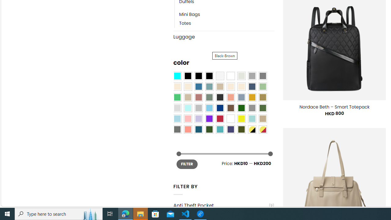 The image size is (391, 220). What do you see at coordinates (226, 23) in the screenshot?
I see `'Totes'` at bounding box center [226, 23].